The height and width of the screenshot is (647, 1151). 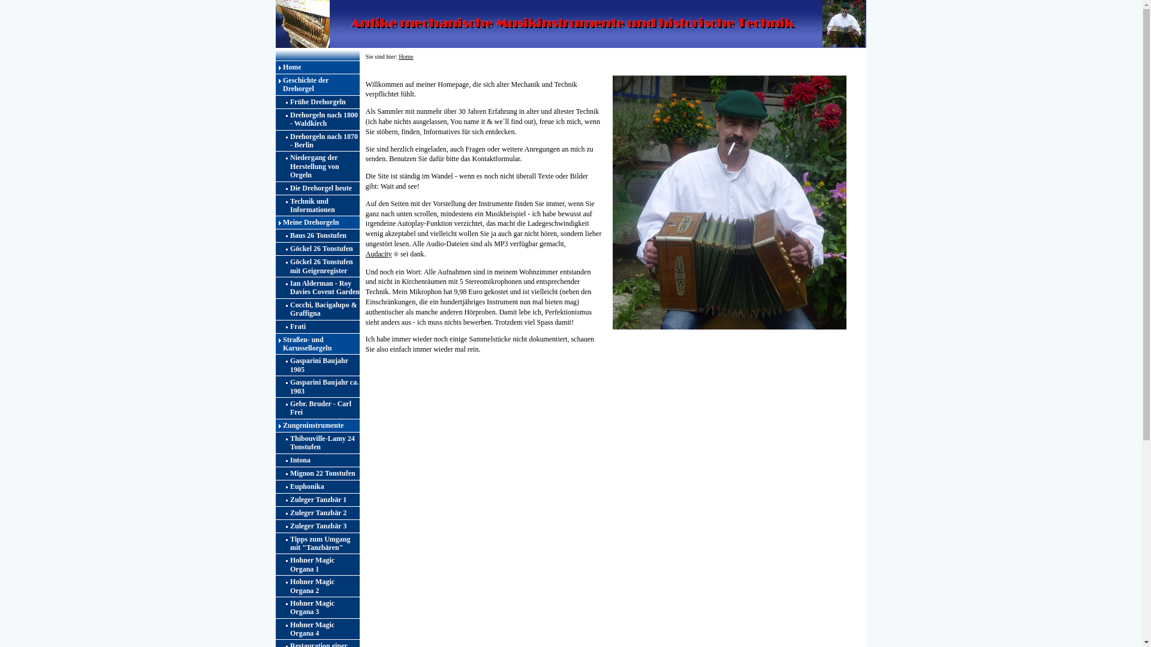 I want to click on 'Cocchi, Bacigalupo & Graffigna', so click(x=317, y=309).